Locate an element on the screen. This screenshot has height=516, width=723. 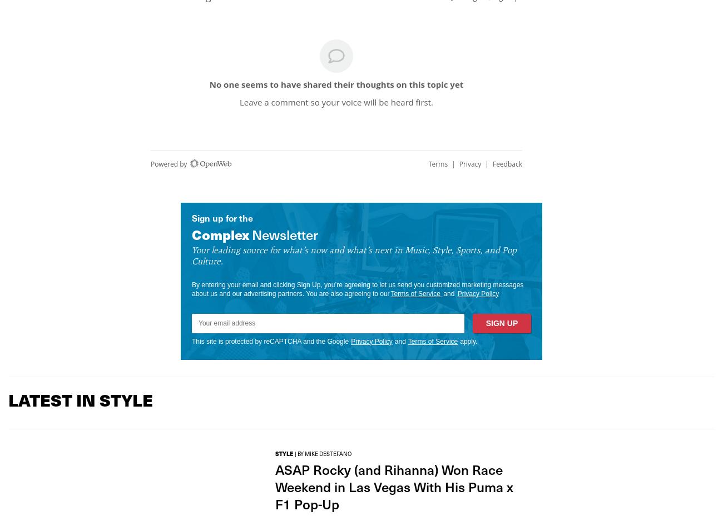
'By entering your email and clicking Sign Up, you’re agreeing to let us send you customized marketing messages about us and our advertising partners. You are also agreeing to our' is located at coordinates (357, 288).